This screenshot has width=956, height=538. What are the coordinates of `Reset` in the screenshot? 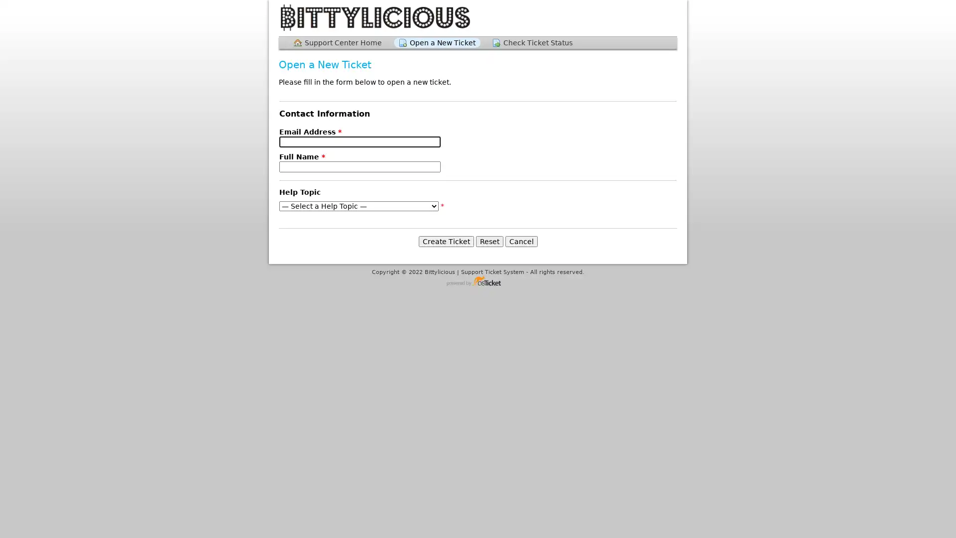 It's located at (489, 242).